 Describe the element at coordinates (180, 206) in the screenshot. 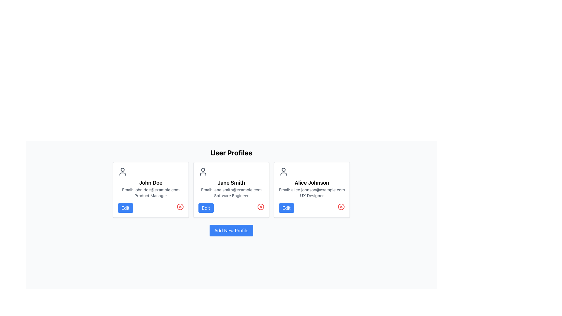

I see `the circular delete button with a red border and inner red 'X' symbol located at the bottom-right corner of the first profile card for 'John Doe'` at that location.